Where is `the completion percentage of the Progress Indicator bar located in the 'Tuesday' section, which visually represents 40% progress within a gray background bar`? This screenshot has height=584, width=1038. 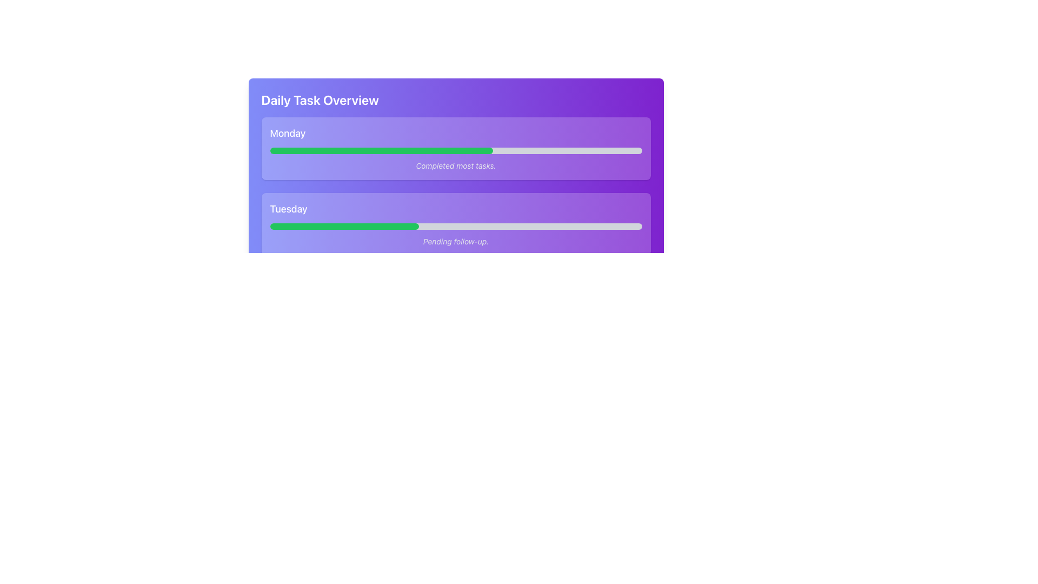
the completion percentage of the Progress Indicator bar located in the 'Tuesday' section, which visually represents 40% progress within a gray background bar is located at coordinates (344, 226).